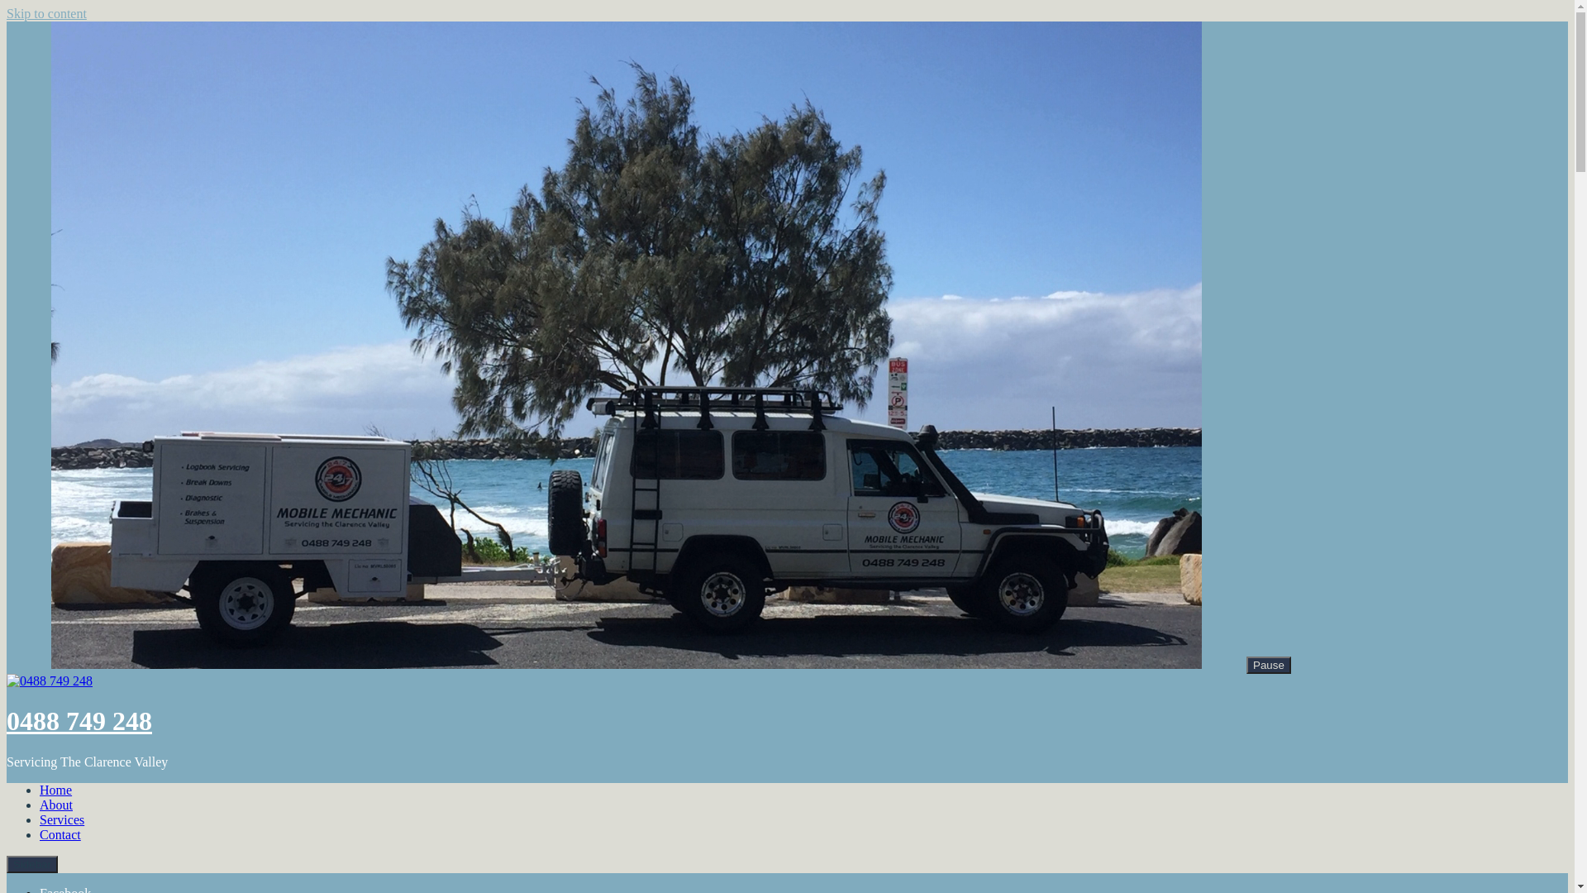 The height and width of the screenshot is (893, 1587). Describe the element at coordinates (55, 804) in the screenshot. I see `'About'` at that location.